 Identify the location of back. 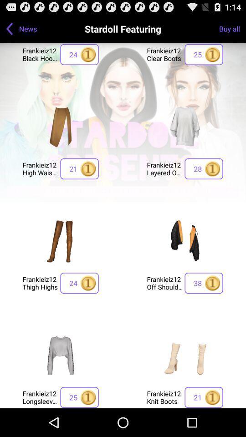
(9, 28).